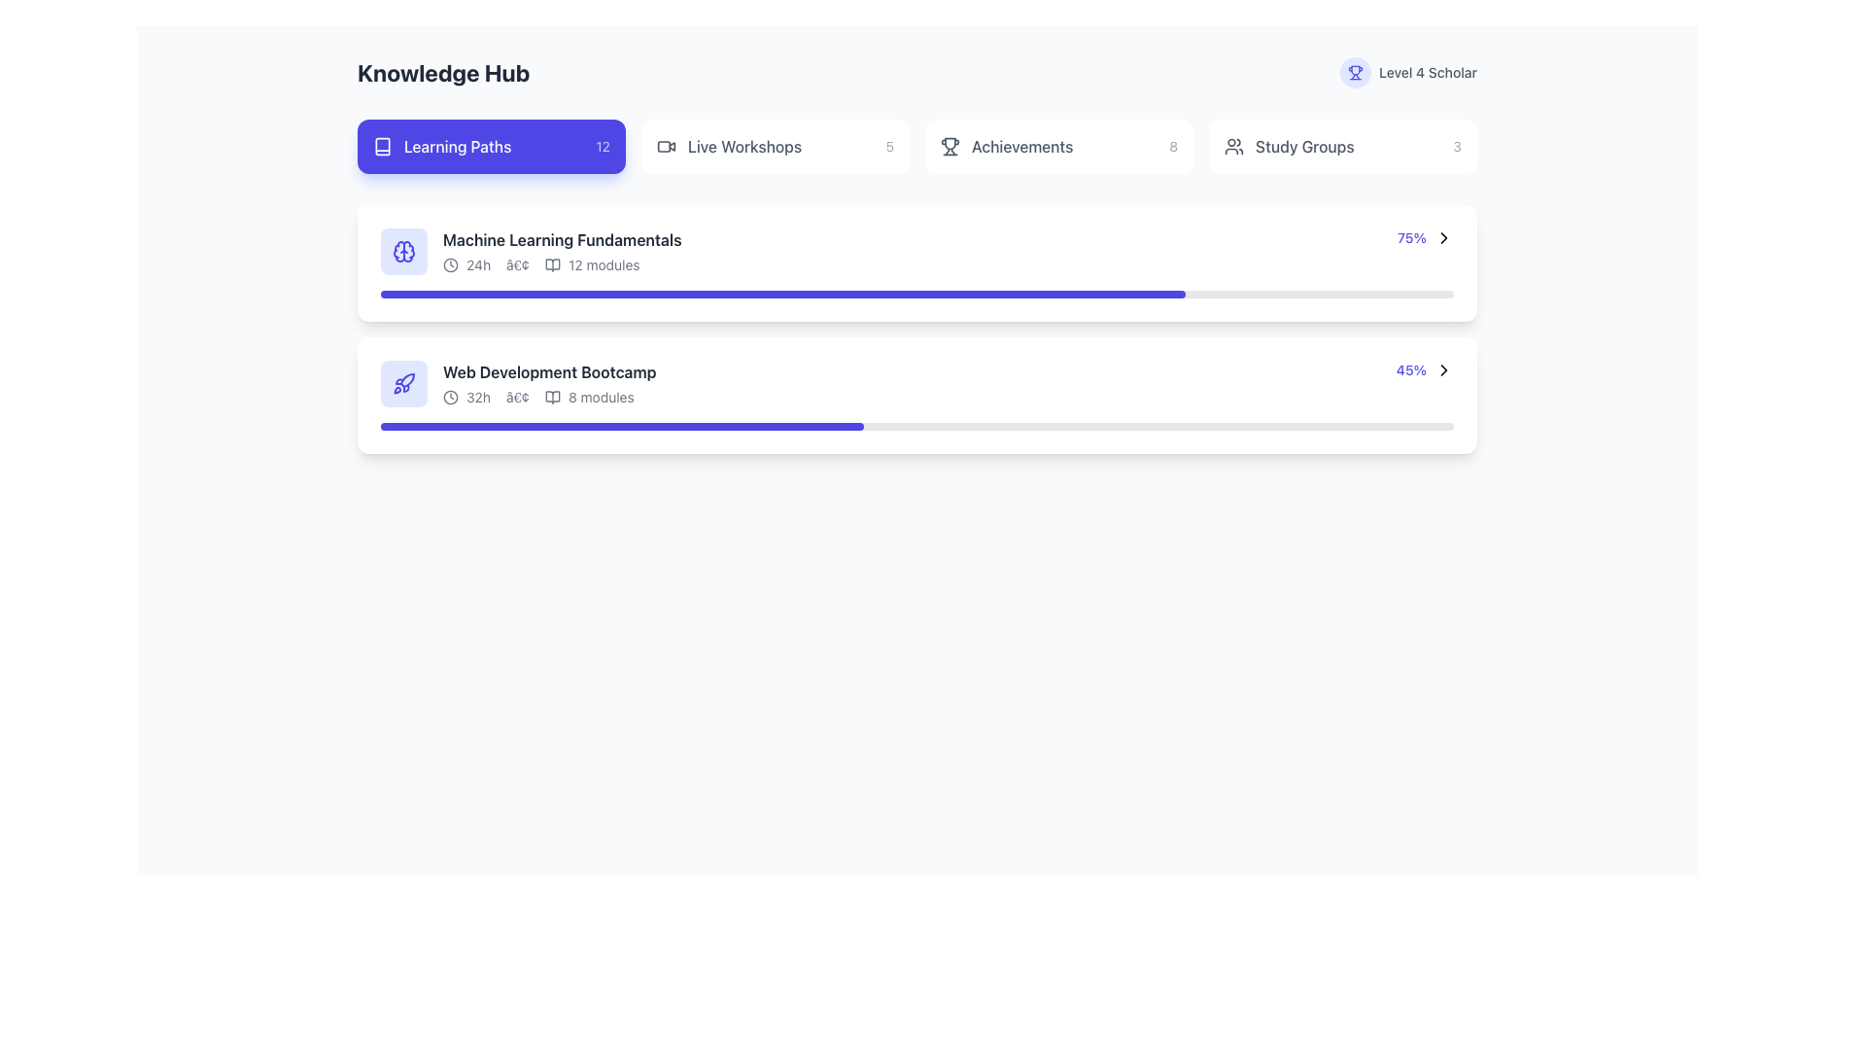  I want to click on the 'Live Workshops' button located in the top central part of the interface, positioned to the right of 'Learning Paths' and to the left of 'Achievements', so click(774, 145).